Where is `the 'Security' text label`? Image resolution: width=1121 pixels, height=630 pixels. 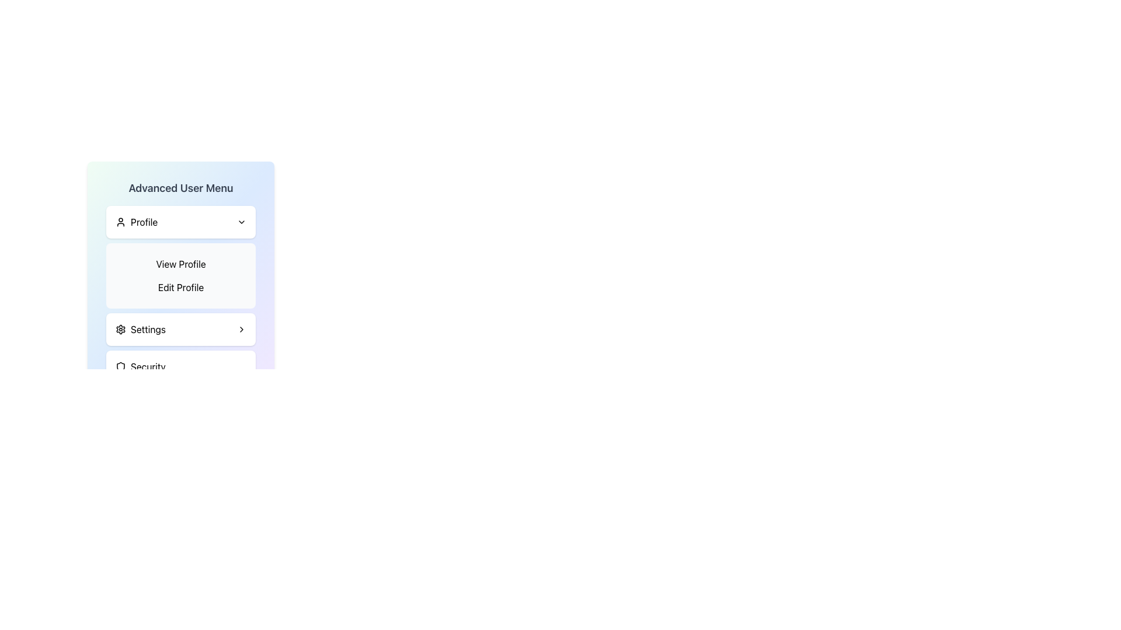
the 'Security' text label is located at coordinates (147, 366).